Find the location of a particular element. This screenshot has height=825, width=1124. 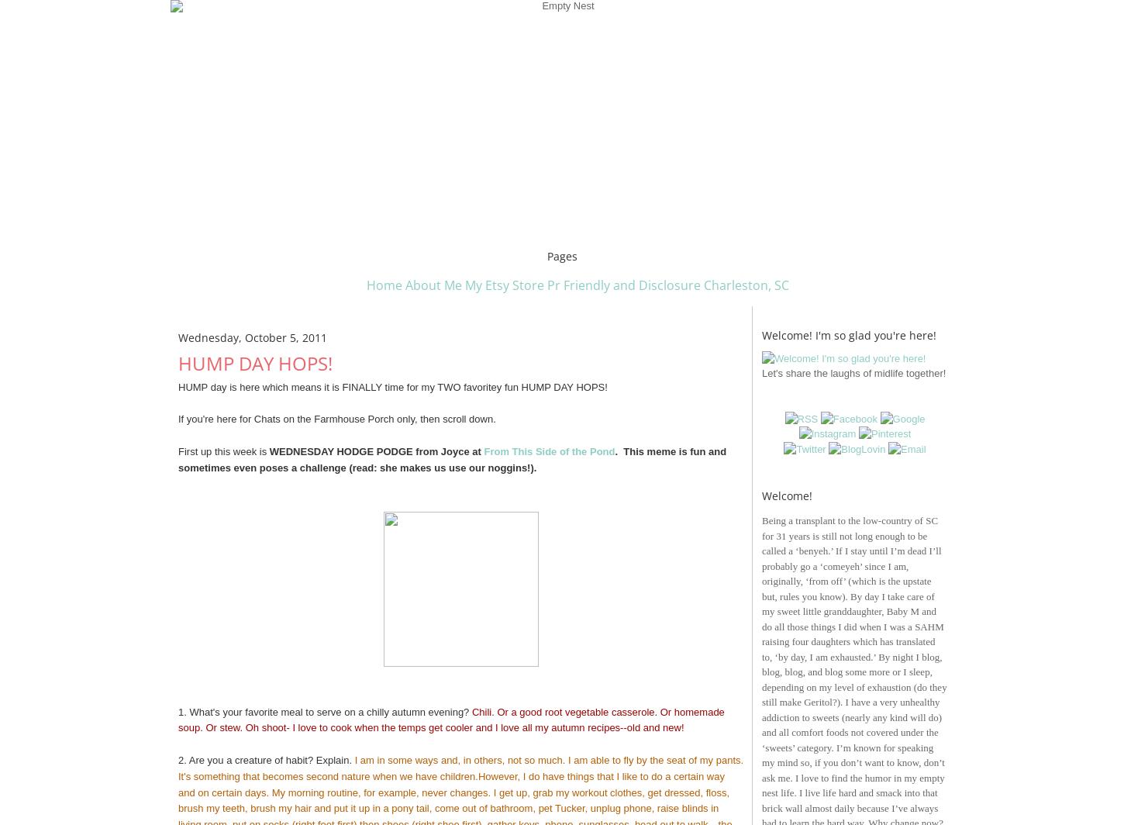

'About Me' is located at coordinates (405, 284).